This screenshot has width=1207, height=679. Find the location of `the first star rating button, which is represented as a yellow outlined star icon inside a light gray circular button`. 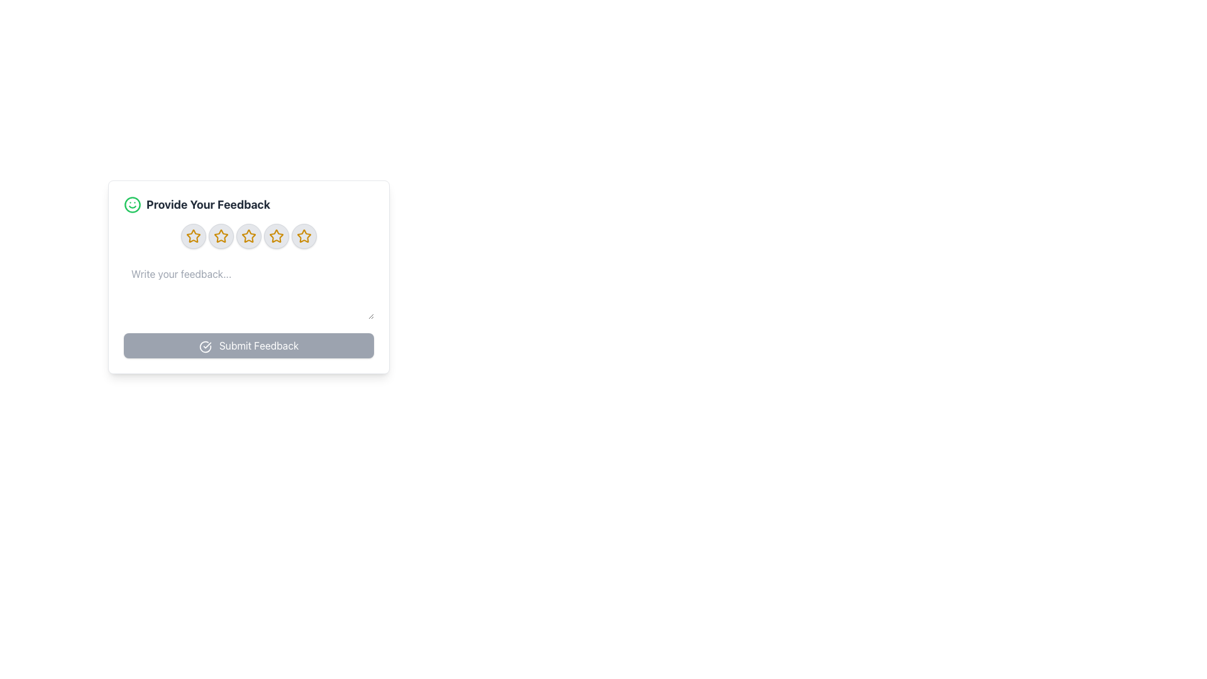

the first star rating button, which is represented as a yellow outlined star icon inside a light gray circular button is located at coordinates (192, 236).